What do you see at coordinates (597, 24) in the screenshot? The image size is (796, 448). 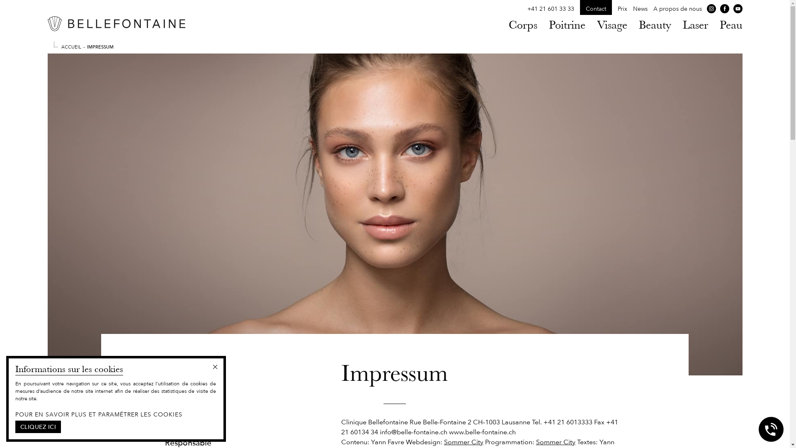 I see `'Visage'` at bounding box center [597, 24].